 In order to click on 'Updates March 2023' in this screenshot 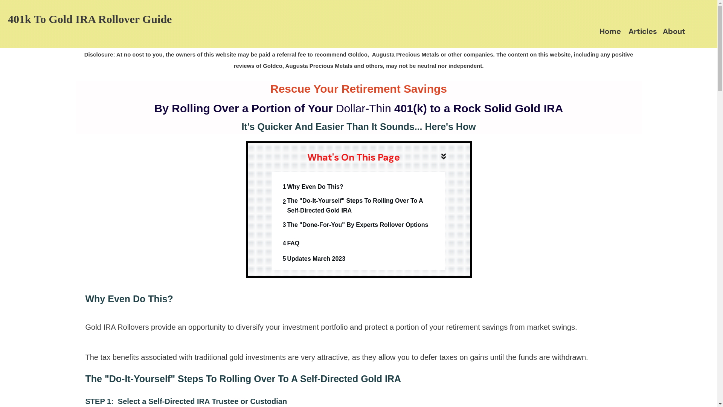, I will do `click(316, 258)`.